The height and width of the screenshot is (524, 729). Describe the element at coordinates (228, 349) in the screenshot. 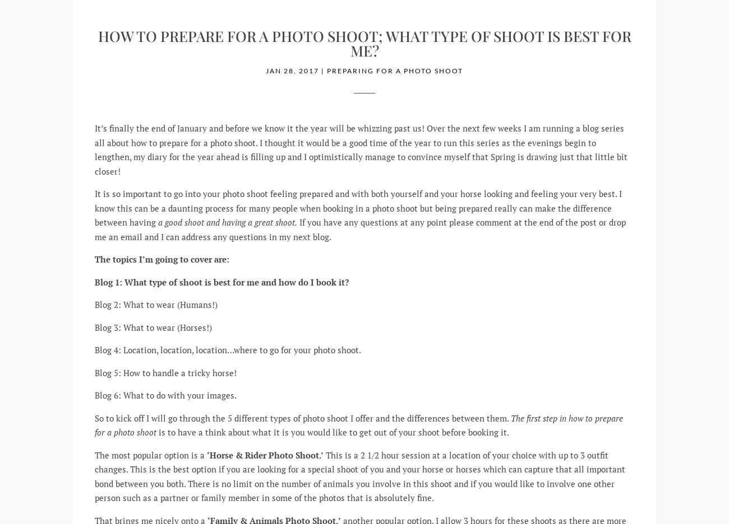

I see `'Blog 4: Location, location, location…where to go for your photo shoot.'` at that location.